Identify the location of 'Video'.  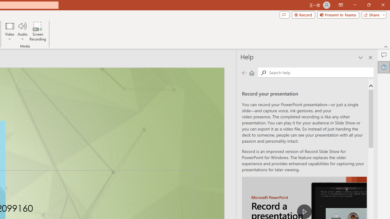
(10, 31).